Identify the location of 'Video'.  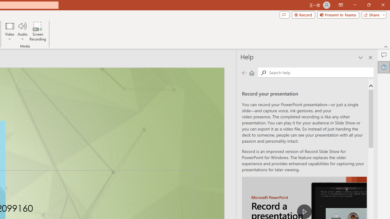
(10, 31).